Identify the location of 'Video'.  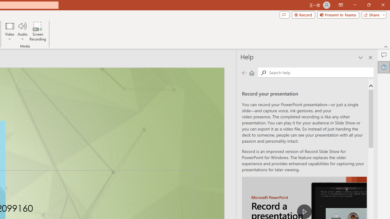
(10, 31).